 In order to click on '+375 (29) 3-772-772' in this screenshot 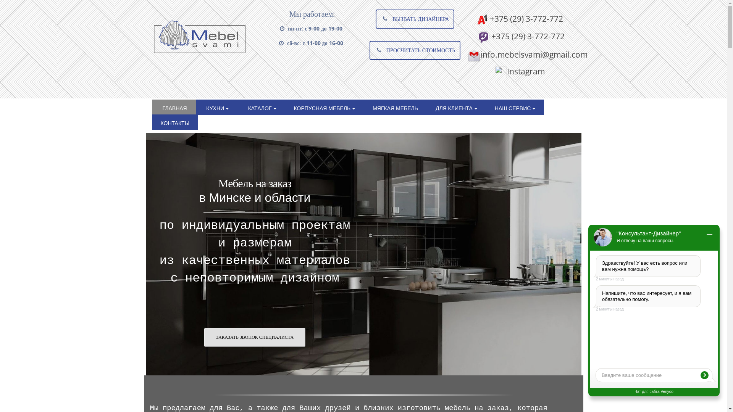, I will do `click(520, 36)`.